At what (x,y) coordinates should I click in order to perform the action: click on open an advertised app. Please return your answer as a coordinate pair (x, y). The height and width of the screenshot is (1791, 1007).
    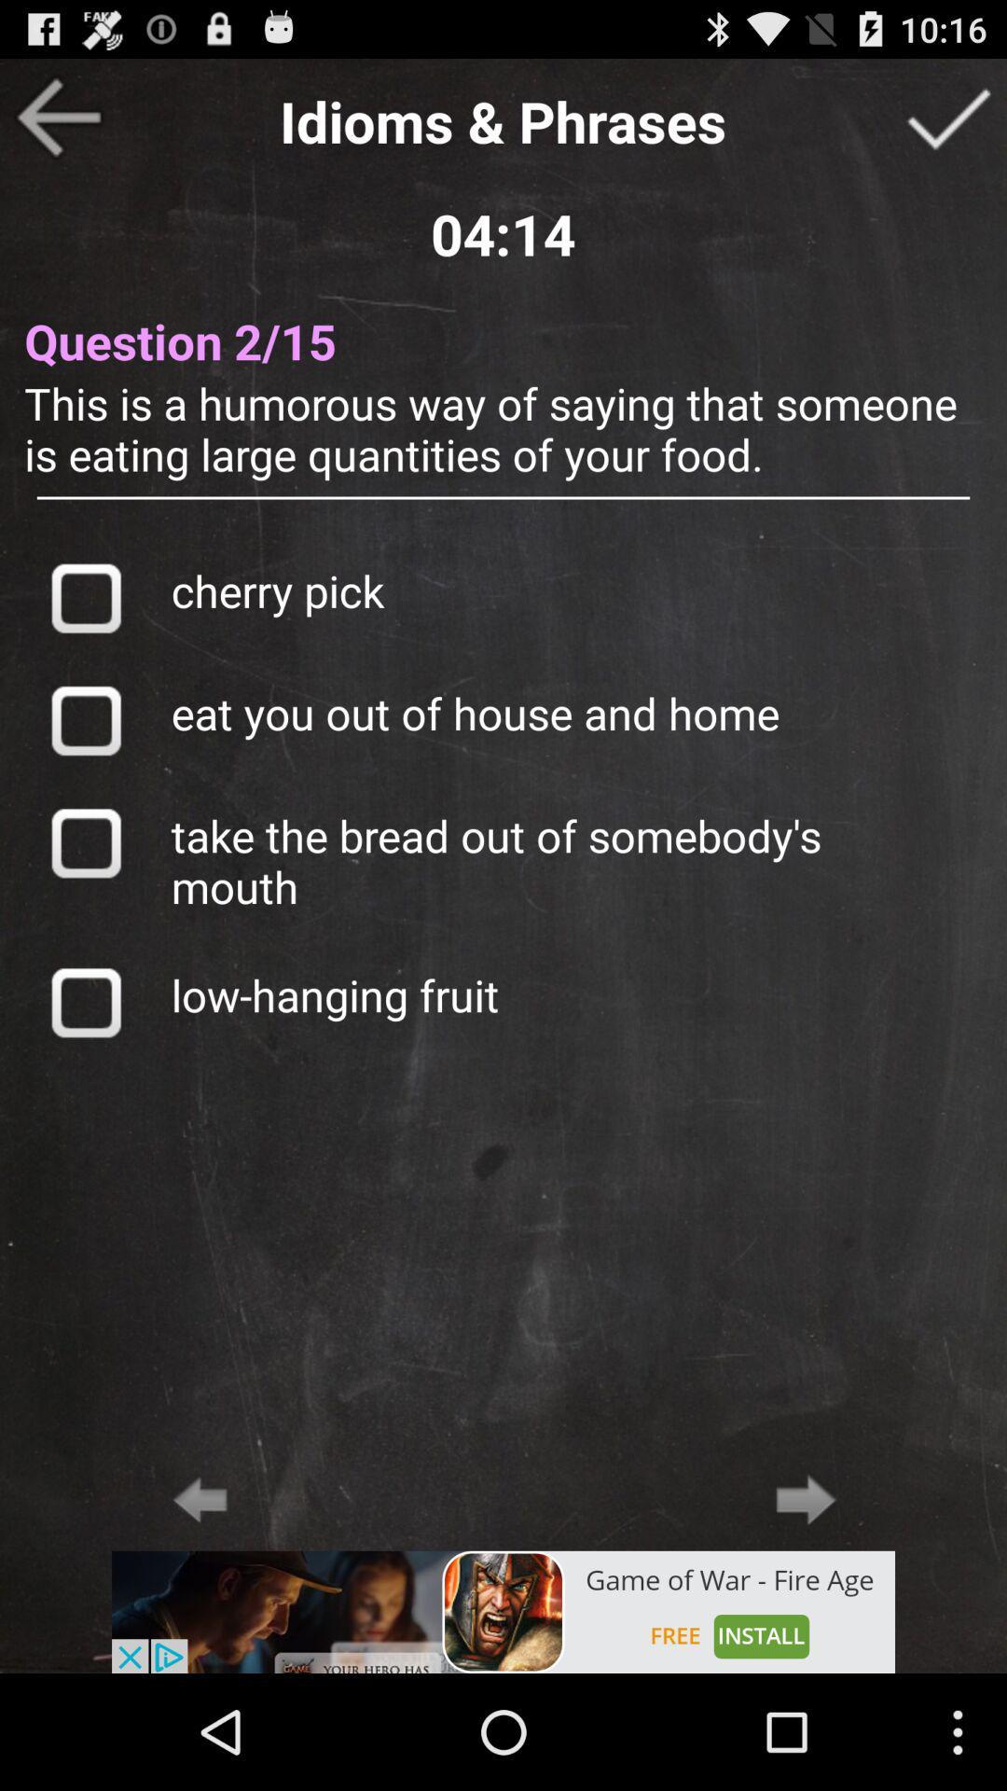
    Looking at the image, I should click on (504, 1611).